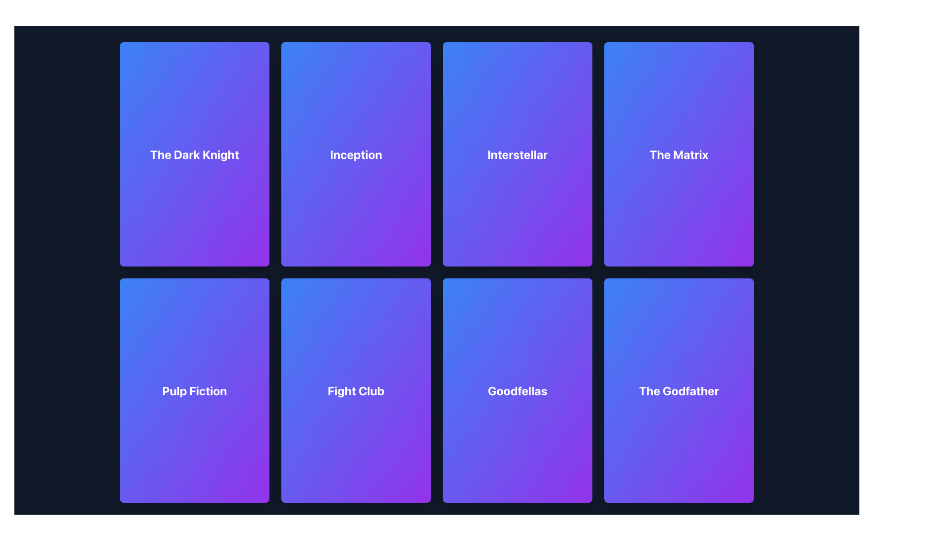 The image size is (951, 535). What do you see at coordinates (517, 389) in the screenshot?
I see `the 'Goodfellas' text label, which is displayed in a large, bold white font on a purple and blue gradient card backdrop, located in the center of the bottom row of the grid` at bounding box center [517, 389].